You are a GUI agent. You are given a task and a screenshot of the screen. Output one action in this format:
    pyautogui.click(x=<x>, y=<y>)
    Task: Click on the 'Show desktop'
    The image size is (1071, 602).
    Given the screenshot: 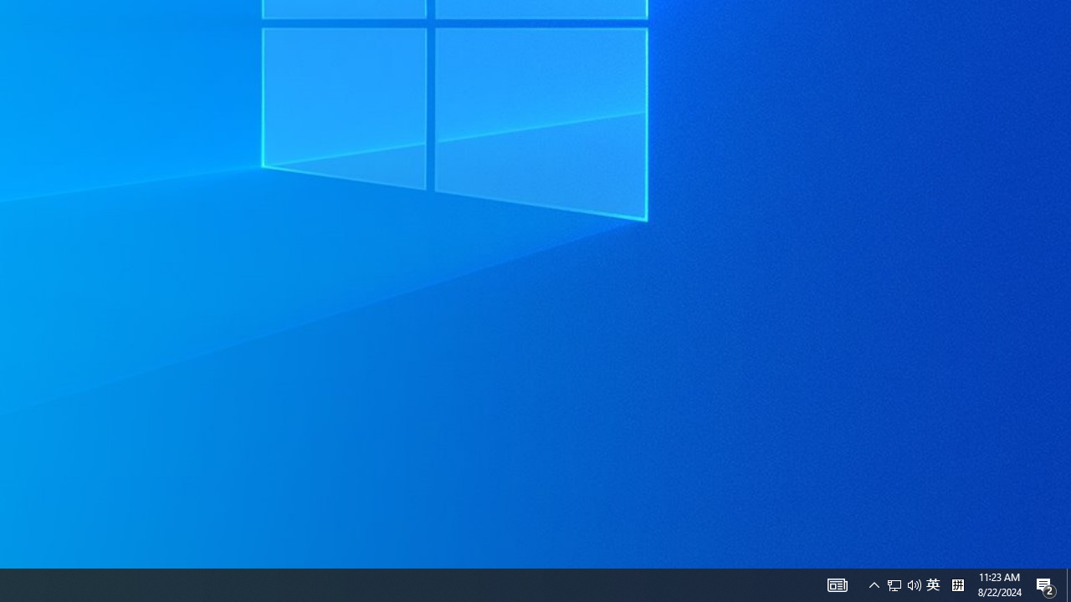 What is the action you would take?
    pyautogui.click(x=1068, y=584)
    